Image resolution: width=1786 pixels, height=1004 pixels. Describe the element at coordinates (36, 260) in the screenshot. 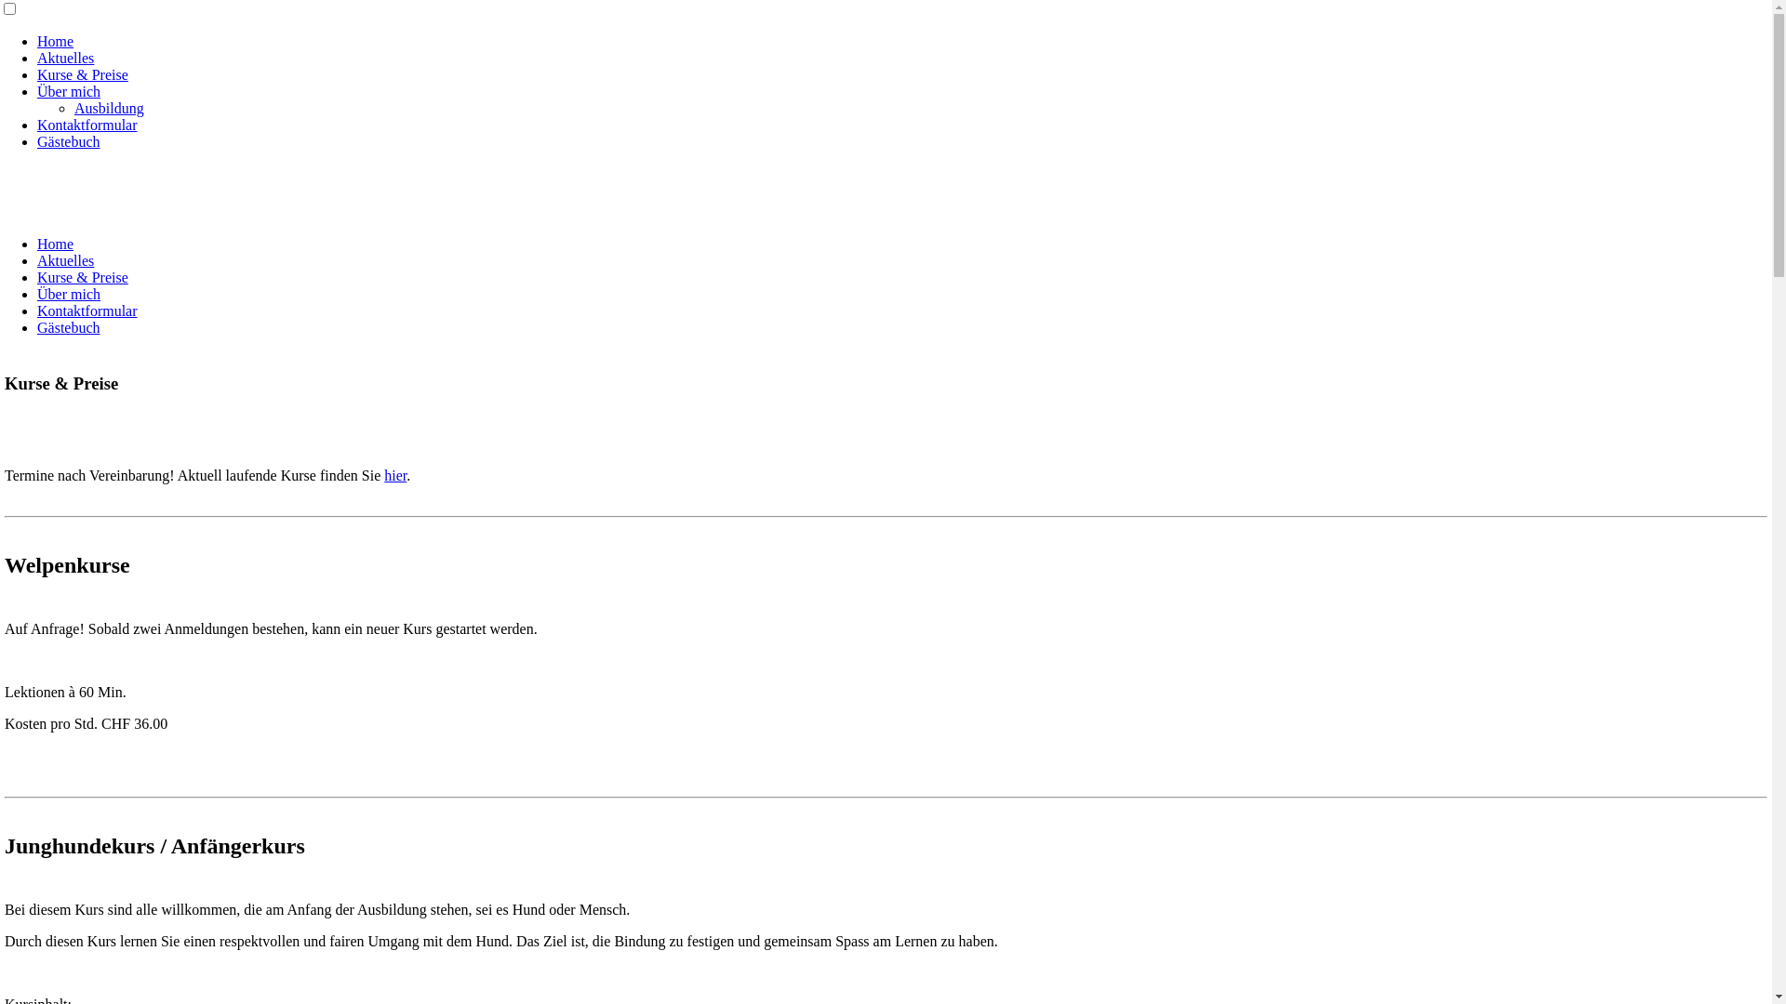

I see `'Aktuelles'` at that location.